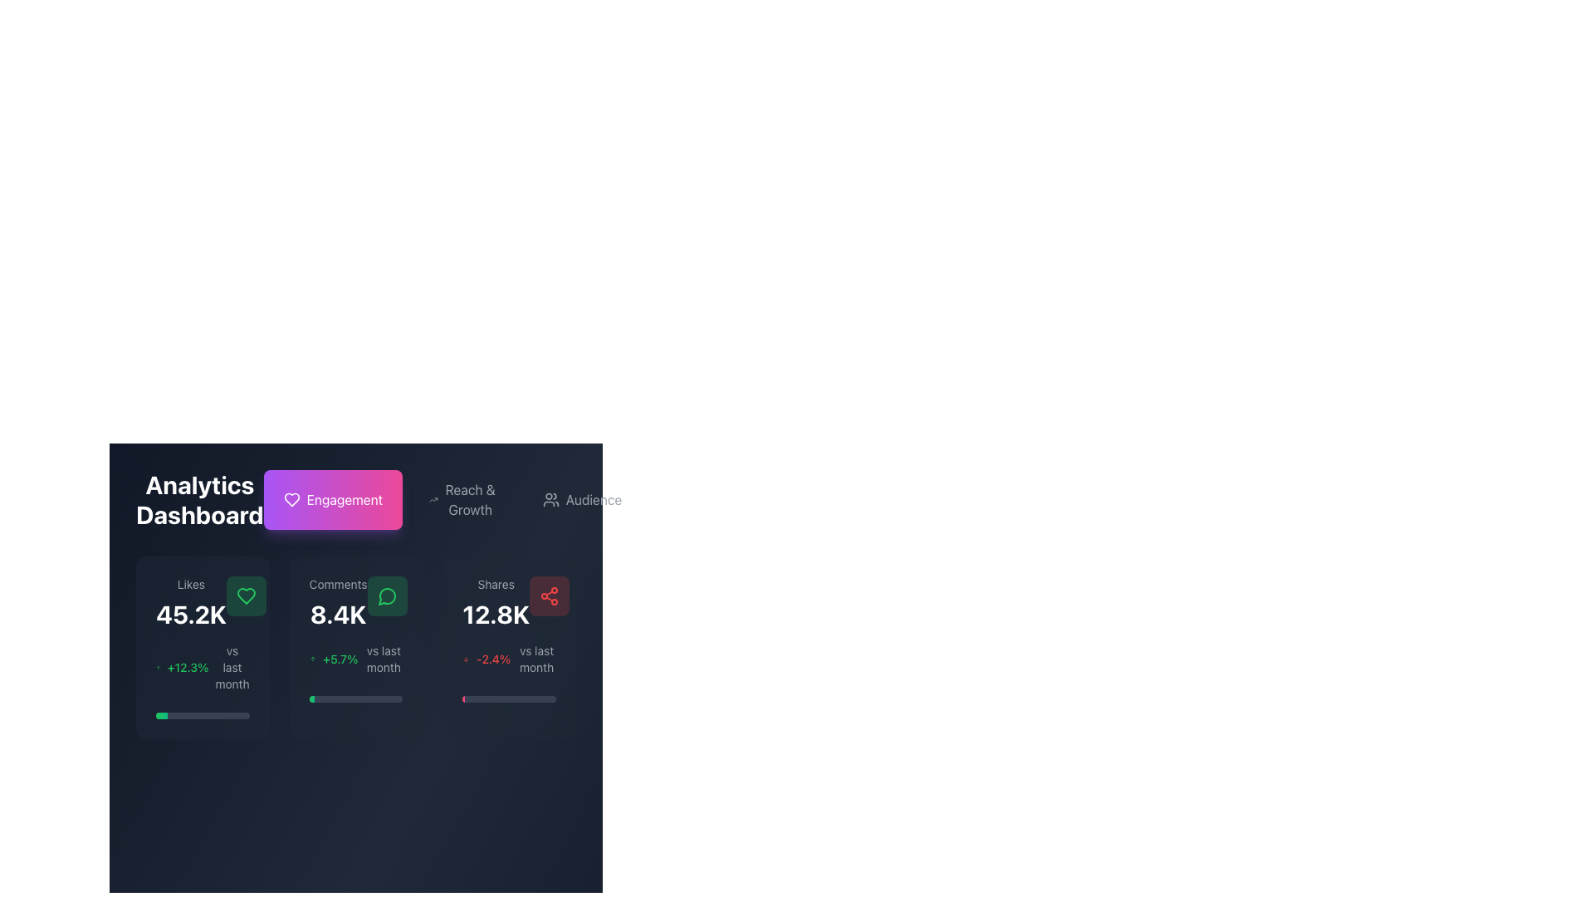 The width and height of the screenshot is (1594, 897). I want to click on the Information Card displaying total shares ('12.8K') and percentage change (-2.4%) in the last column of the grid, so click(508, 646).